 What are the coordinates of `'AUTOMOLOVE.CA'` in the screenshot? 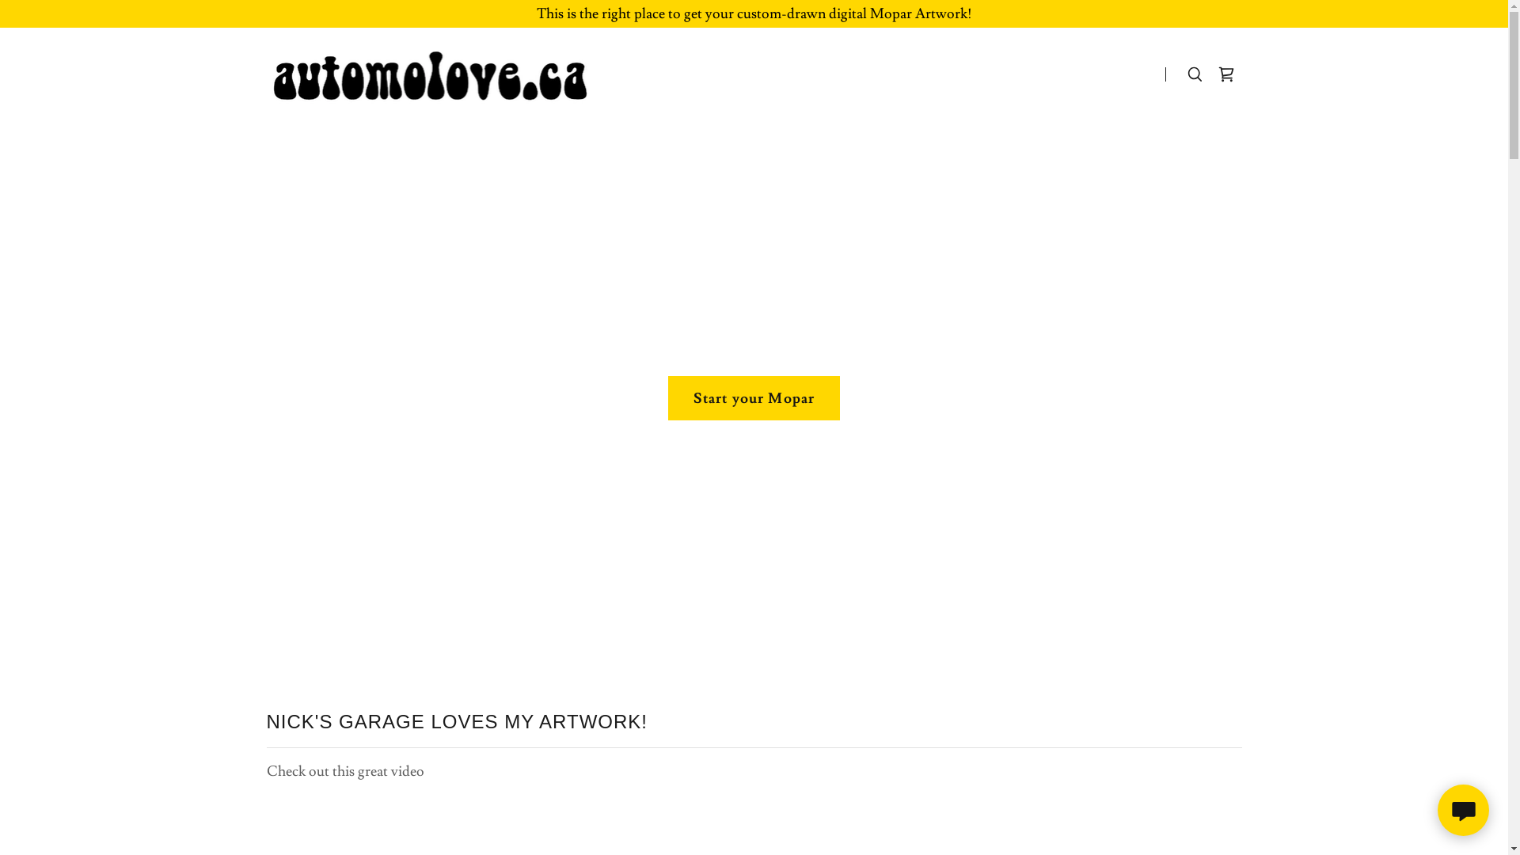 It's located at (436, 70).